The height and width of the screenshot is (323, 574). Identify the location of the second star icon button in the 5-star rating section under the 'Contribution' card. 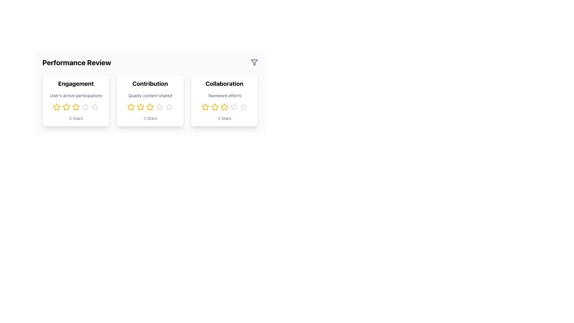
(131, 106).